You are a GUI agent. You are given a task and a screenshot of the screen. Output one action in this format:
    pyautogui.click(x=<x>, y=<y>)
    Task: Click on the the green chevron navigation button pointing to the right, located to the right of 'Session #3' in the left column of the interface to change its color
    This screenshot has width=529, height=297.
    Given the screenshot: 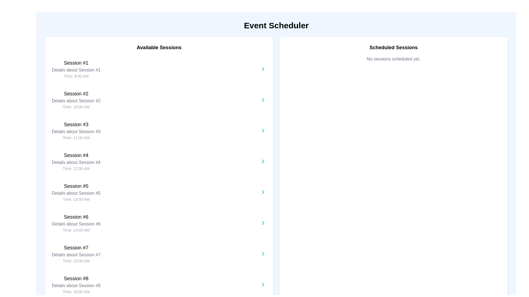 What is the action you would take?
    pyautogui.click(x=263, y=130)
    